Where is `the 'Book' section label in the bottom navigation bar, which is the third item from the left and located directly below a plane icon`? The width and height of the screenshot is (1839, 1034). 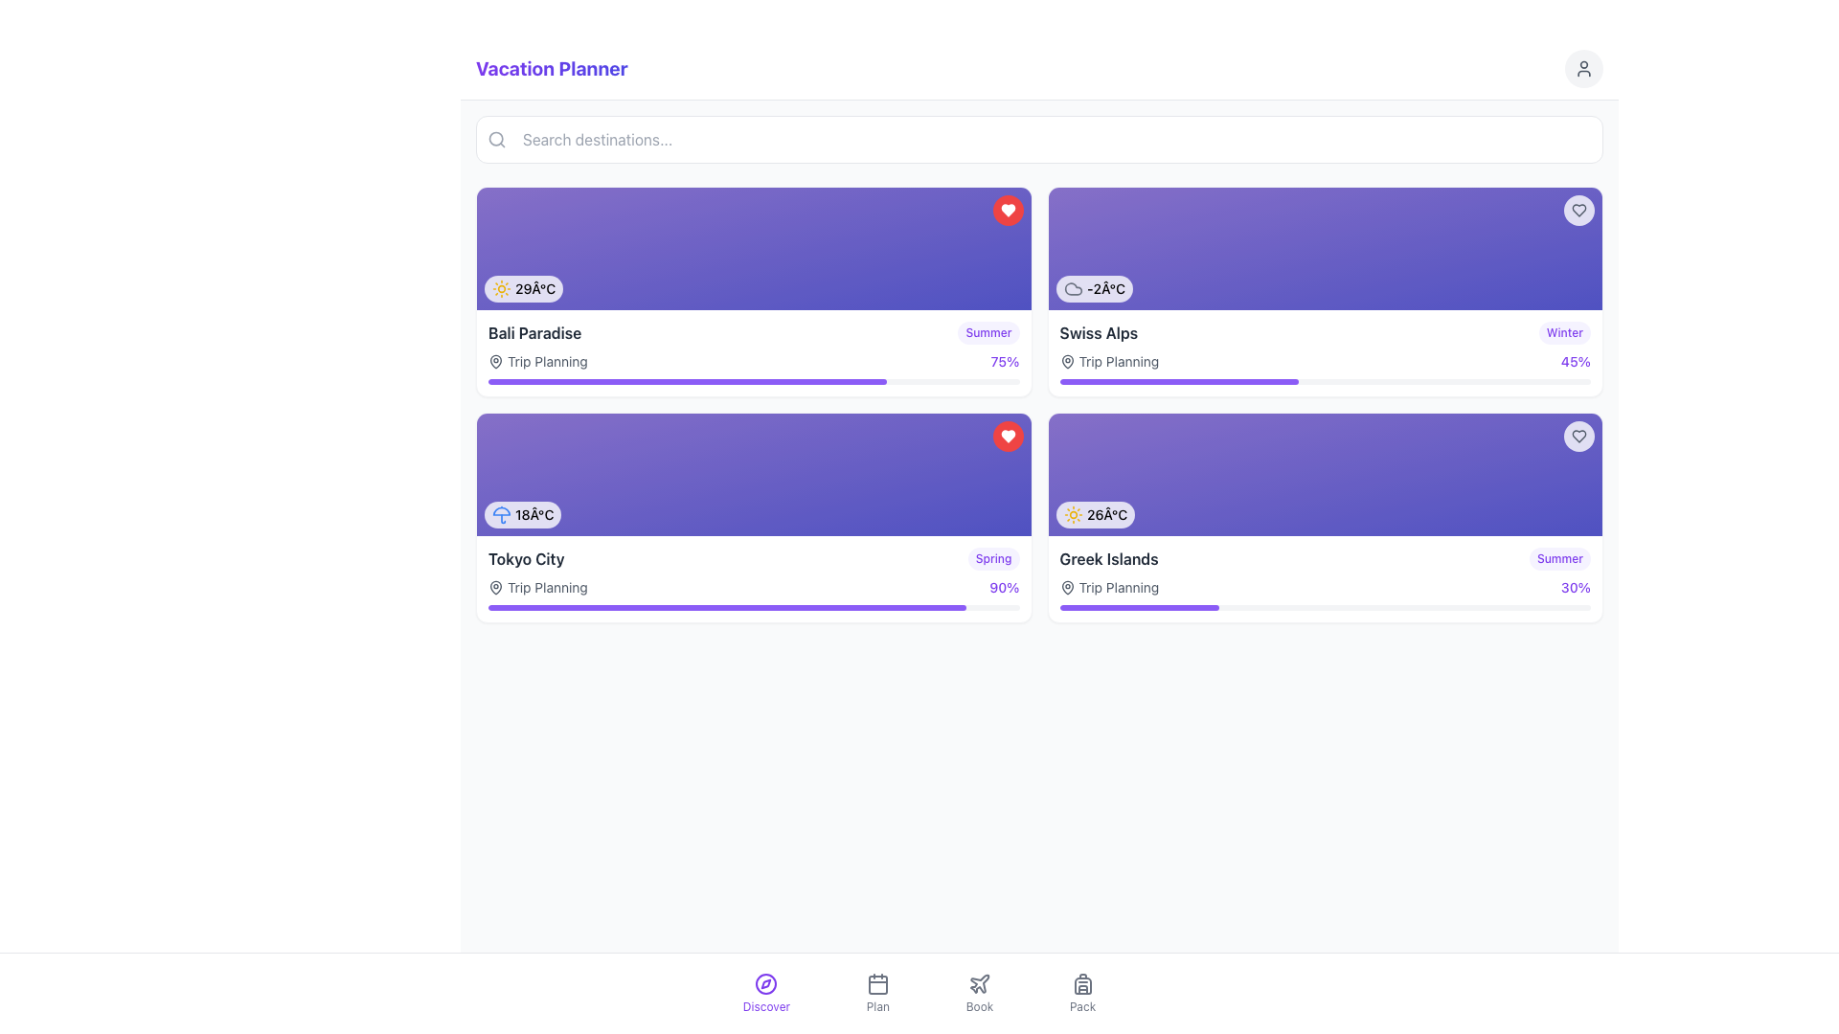 the 'Book' section label in the bottom navigation bar, which is the third item from the left and located directly below a plane icon is located at coordinates (979, 1006).